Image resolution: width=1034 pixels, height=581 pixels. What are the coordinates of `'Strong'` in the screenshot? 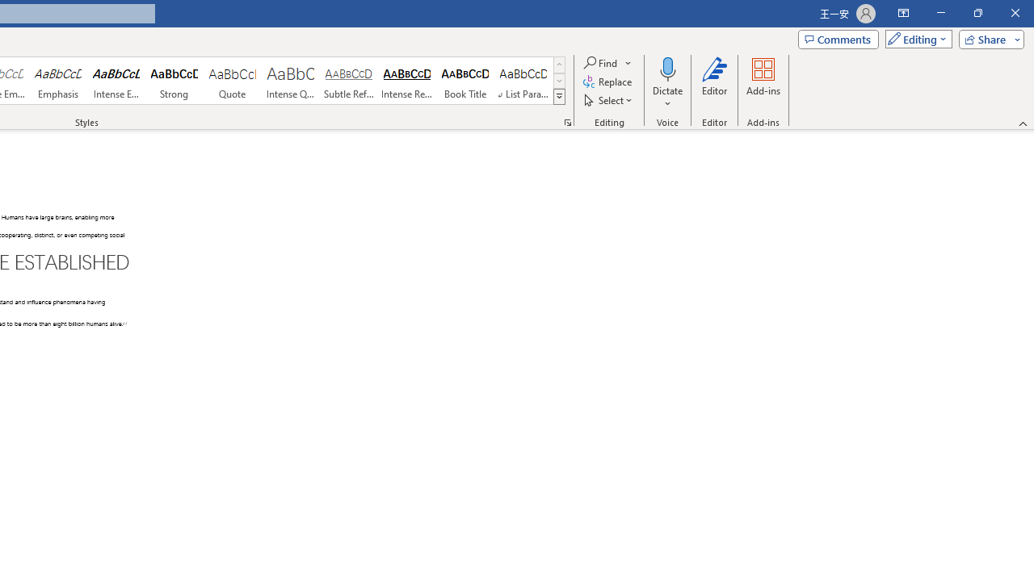 It's located at (174, 81).